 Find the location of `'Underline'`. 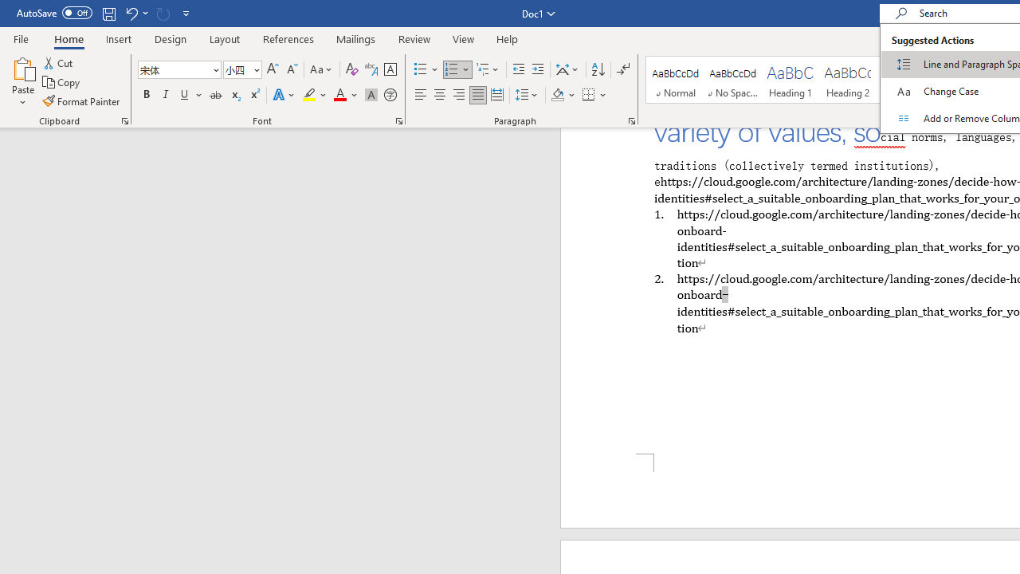

'Underline' is located at coordinates (191, 95).